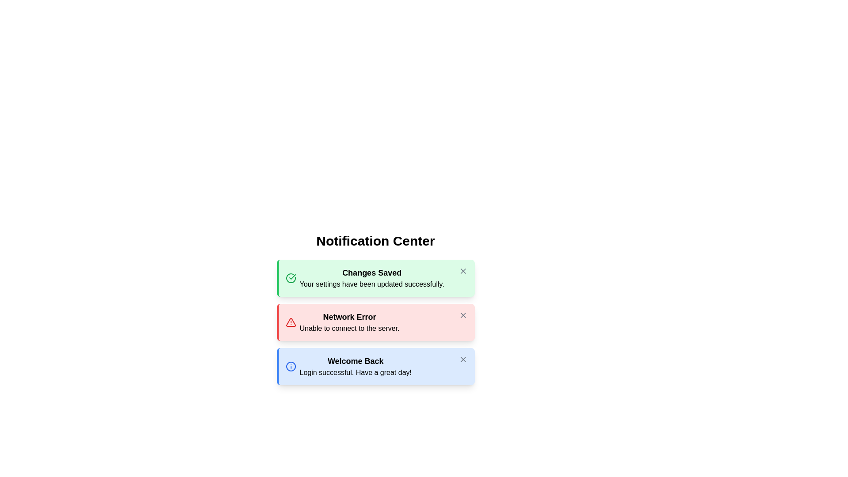 This screenshot has height=477, width=848. I want to click on text from the third notification box located in the Notification Center, which informs the user about a successful login, so click(375, 366).